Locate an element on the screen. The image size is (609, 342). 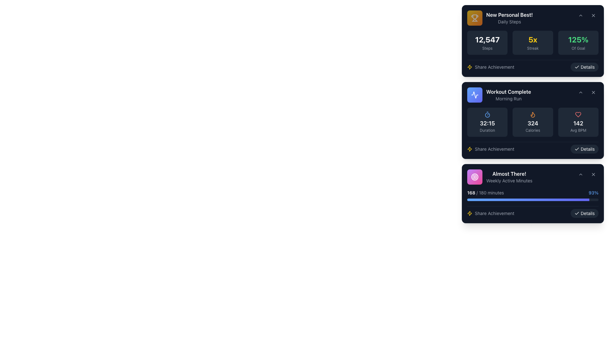
the progress indicator displaying 125% achievement, which is the third element in a horizontal grid layout is located at coordinates (578, 43).